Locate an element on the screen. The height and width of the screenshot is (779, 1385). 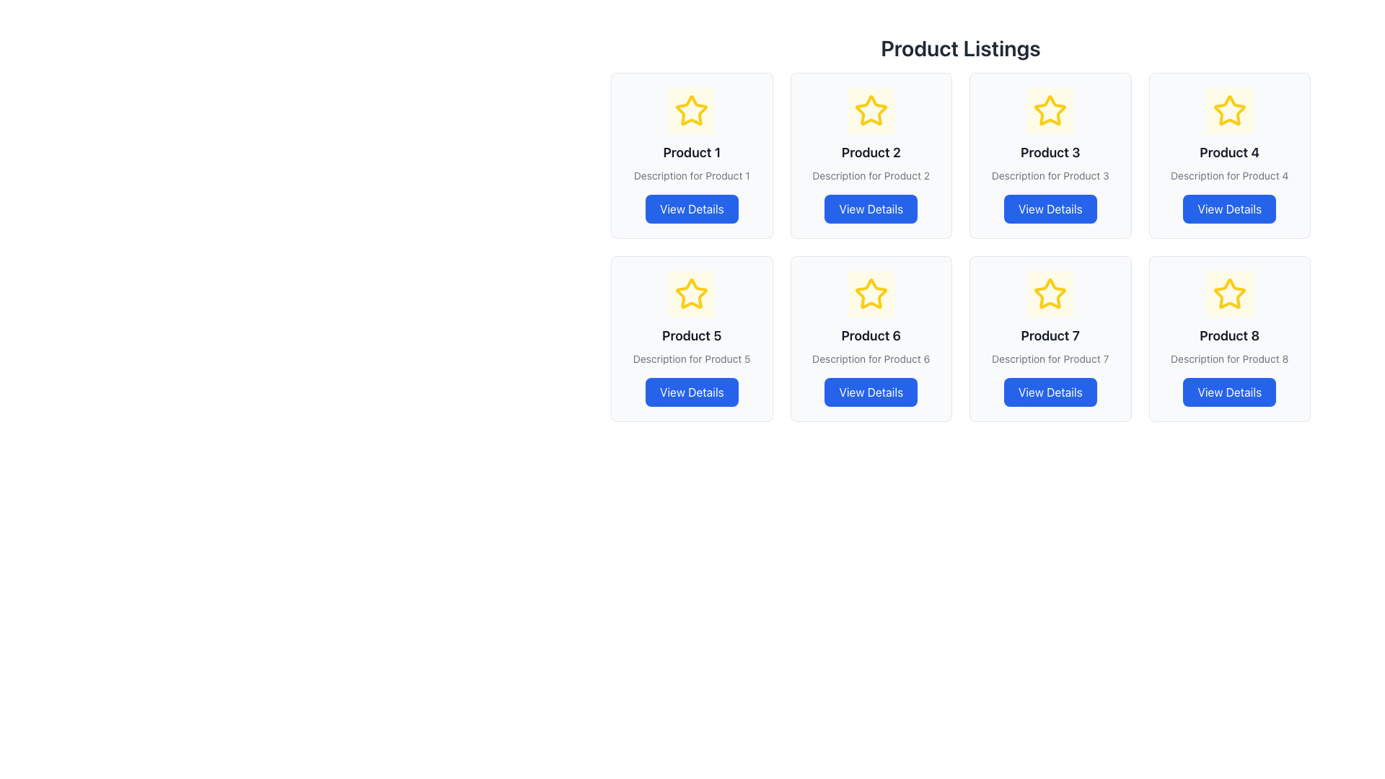
text label displaying 'Product 7' located in the second row, third column of a 4x2 grid is located at coordinates (1050, 336).